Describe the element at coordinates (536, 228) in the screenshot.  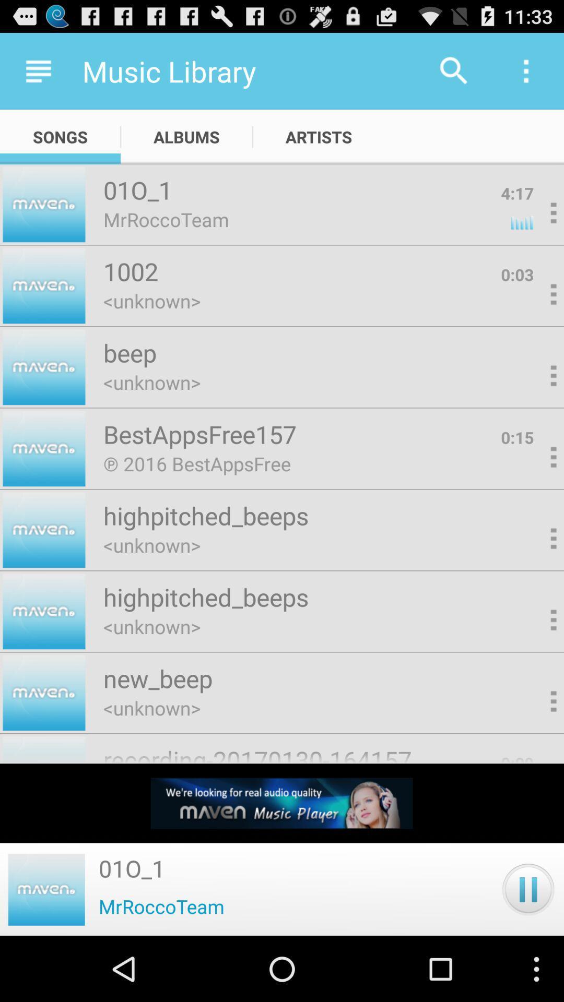
I see `the more icon` at that location.